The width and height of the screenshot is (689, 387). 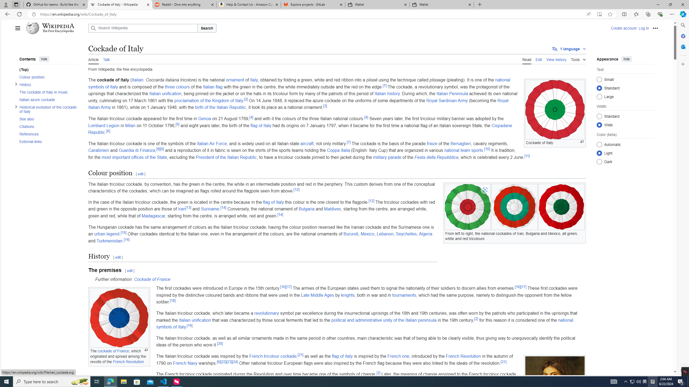 I want to click on 'Citations', so click(x=48, y=126).